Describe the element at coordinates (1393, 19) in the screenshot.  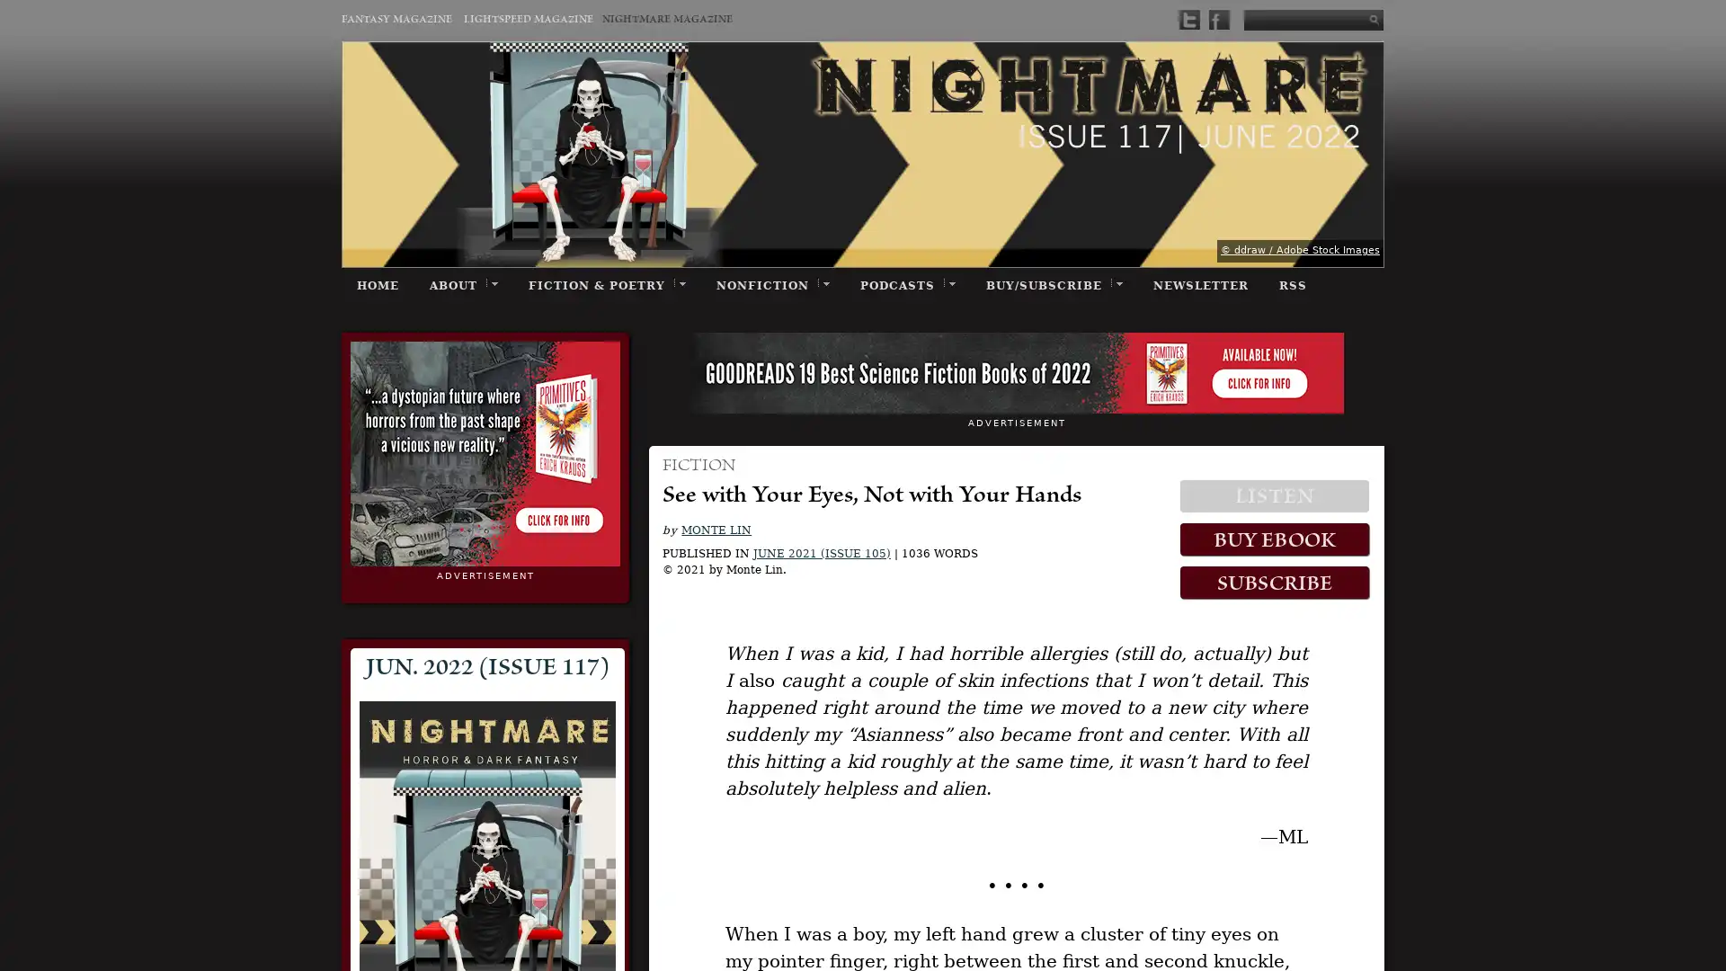
I see `Submit` at that location.